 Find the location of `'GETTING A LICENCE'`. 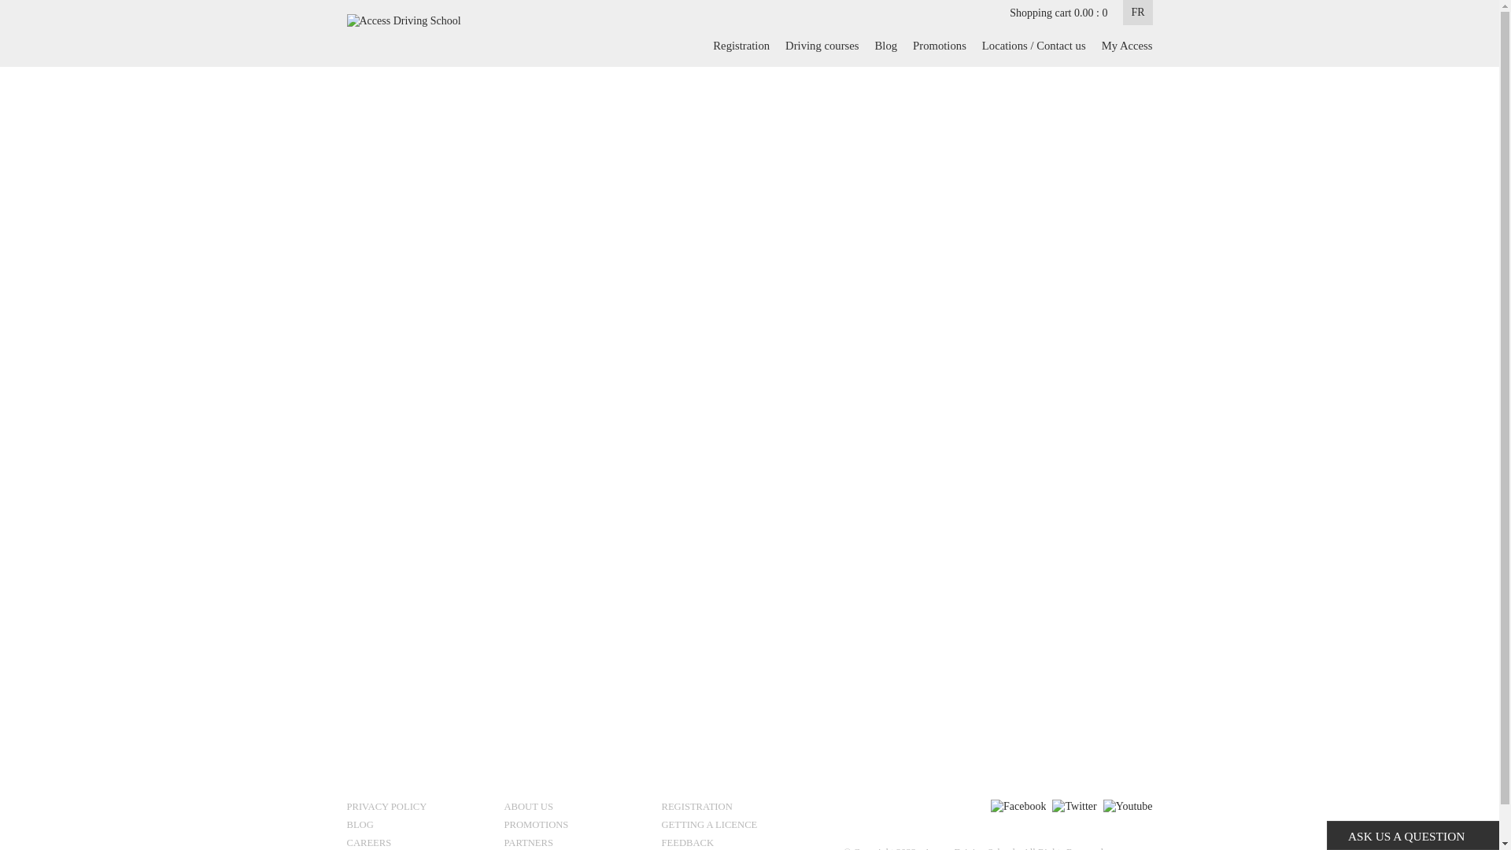

'GETTING A LICENCE' is located at coordinates (733, 826).